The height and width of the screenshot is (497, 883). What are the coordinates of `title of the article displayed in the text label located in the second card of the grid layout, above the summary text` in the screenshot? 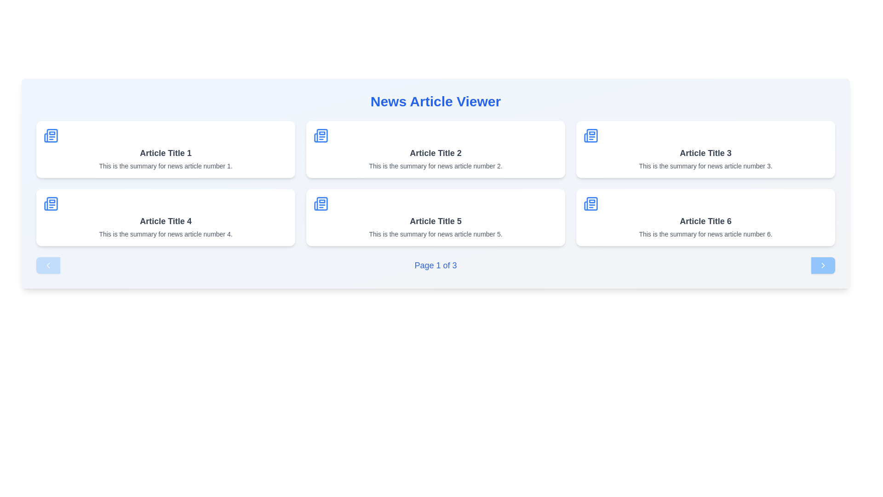 It's located at (435, 152).